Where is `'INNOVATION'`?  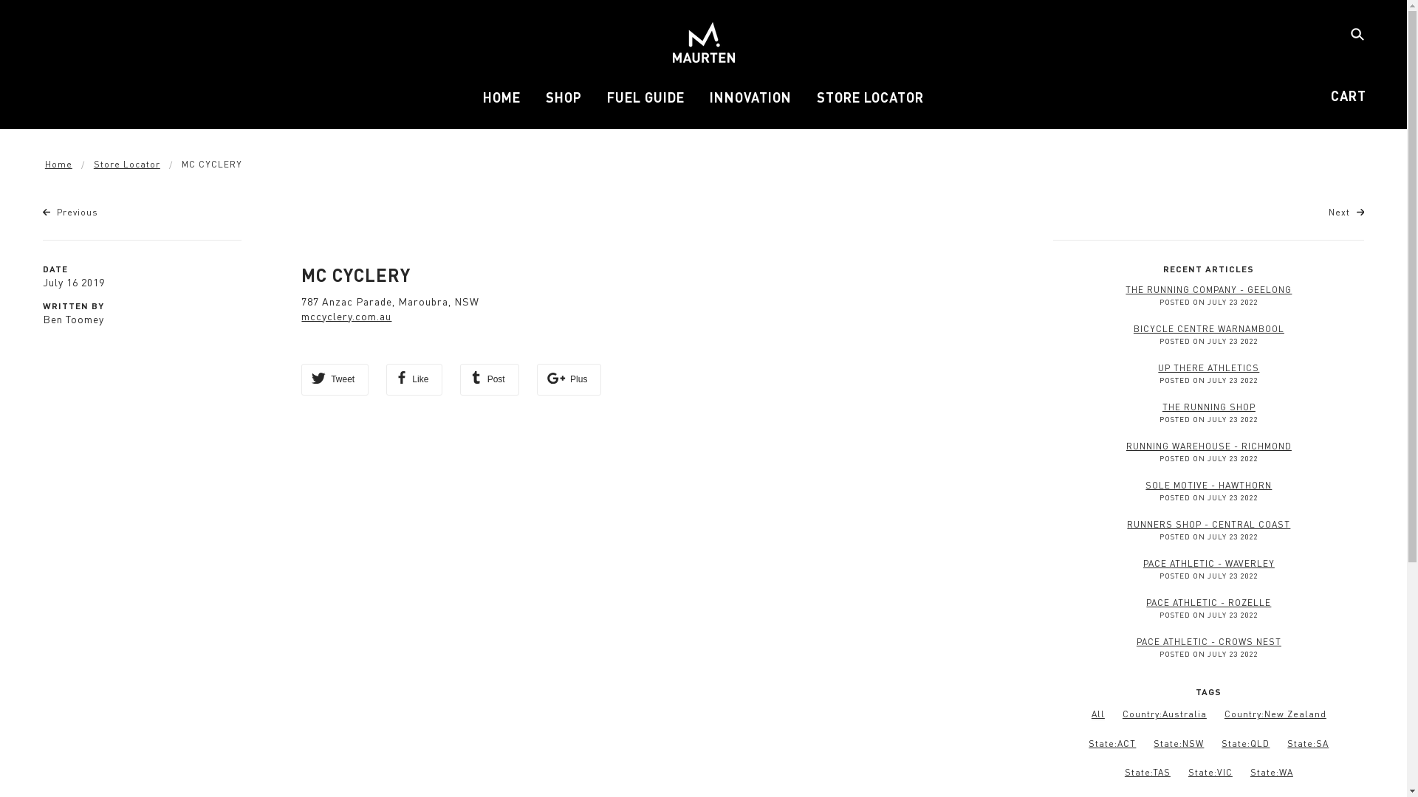 'INNOVATION' is located at coordinates (750, 102).